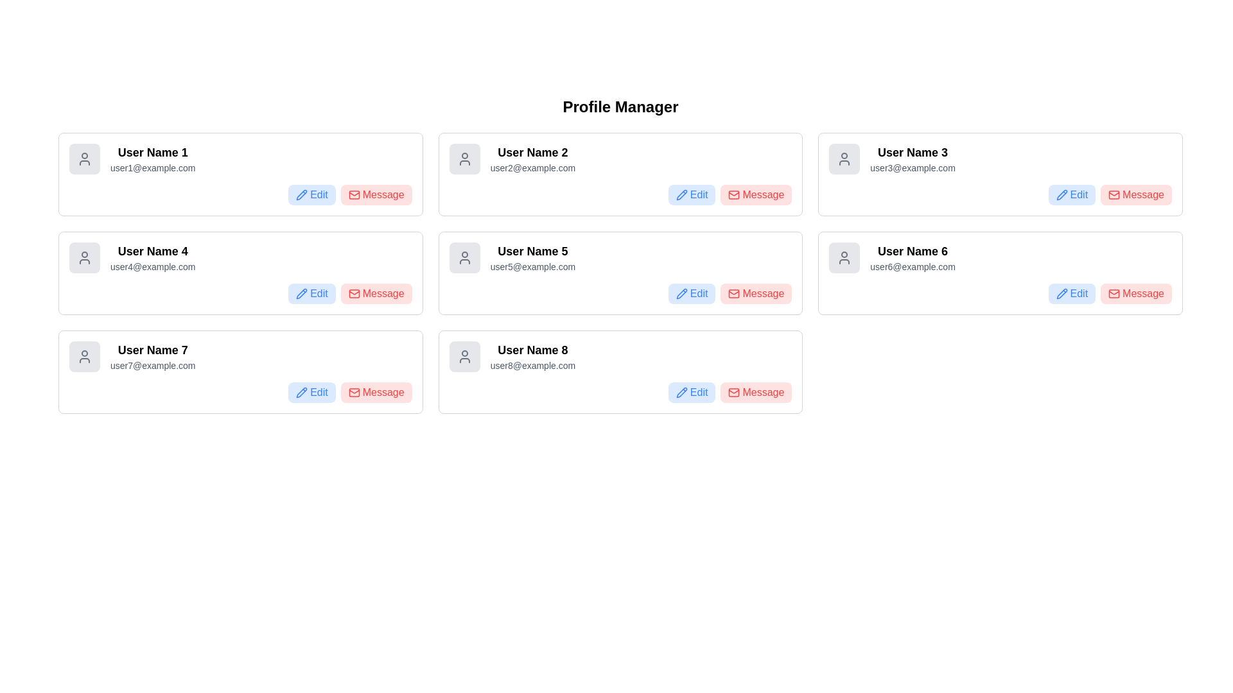 The width and height of the screenshot is (1233, 693). I want to click on the text label displaying 'User Name 2' in bold, which serves as a heading for the profile card, located in the header section above the email text, so click(532, 152).